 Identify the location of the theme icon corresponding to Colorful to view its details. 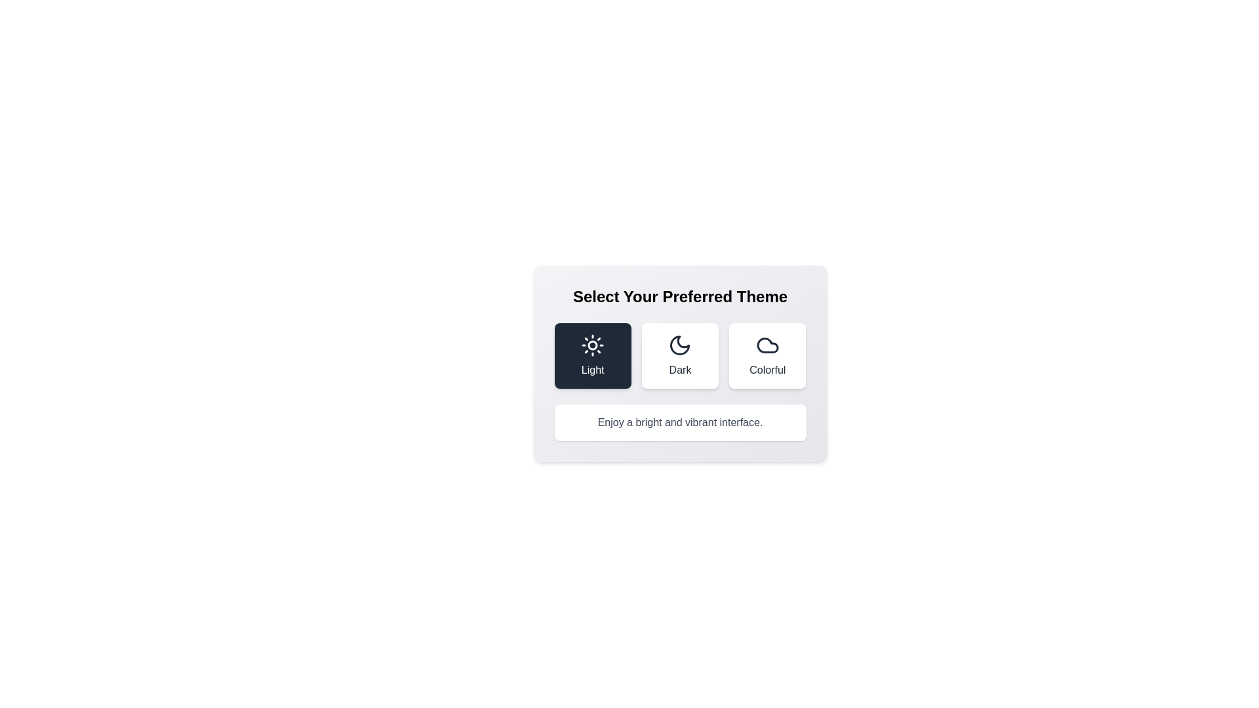
(767, 356).